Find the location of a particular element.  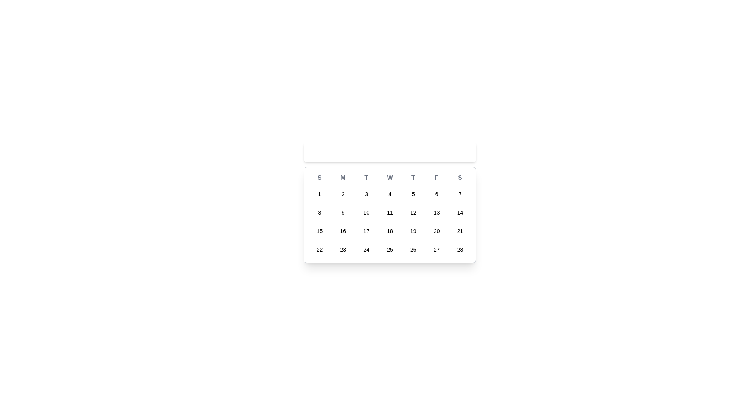

the selectable date button representing the date '24' is located at coordinates (366, 250).